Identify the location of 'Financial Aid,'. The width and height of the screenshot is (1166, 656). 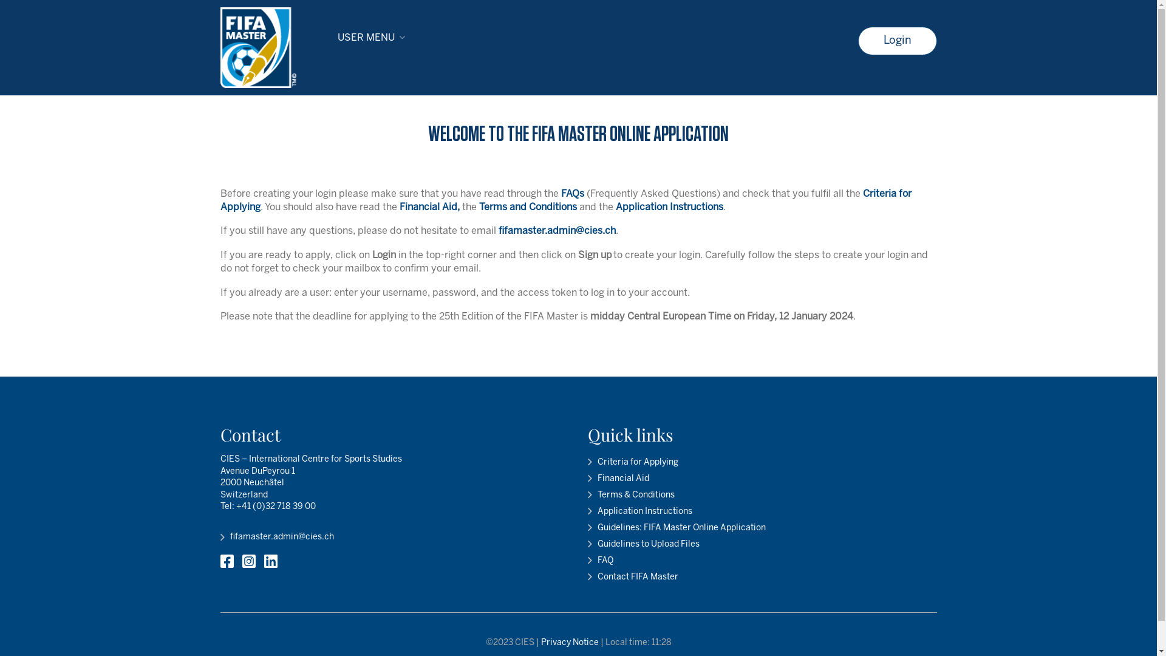
(399, 207).